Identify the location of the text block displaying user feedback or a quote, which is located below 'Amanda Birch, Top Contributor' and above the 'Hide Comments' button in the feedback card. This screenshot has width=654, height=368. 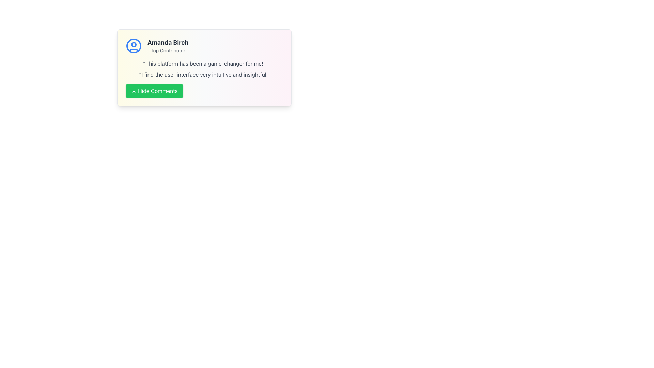
(204, 69).